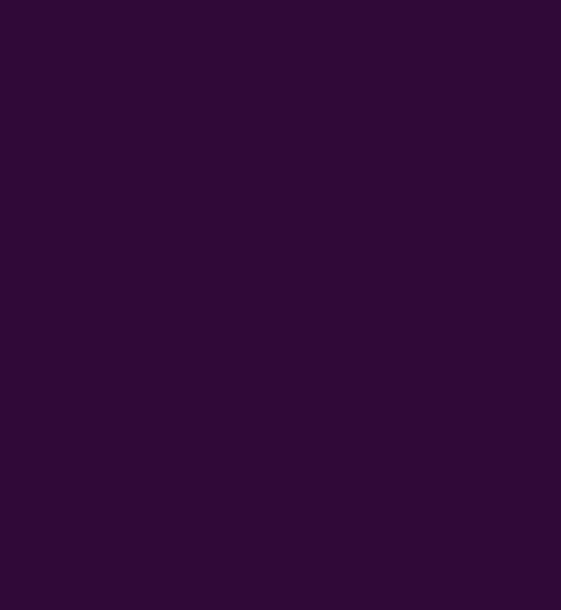  What do you see at coordinates (99, 356) in the screenshot?
I see `'Jackpot Games'` at bounding box center [99, 356].